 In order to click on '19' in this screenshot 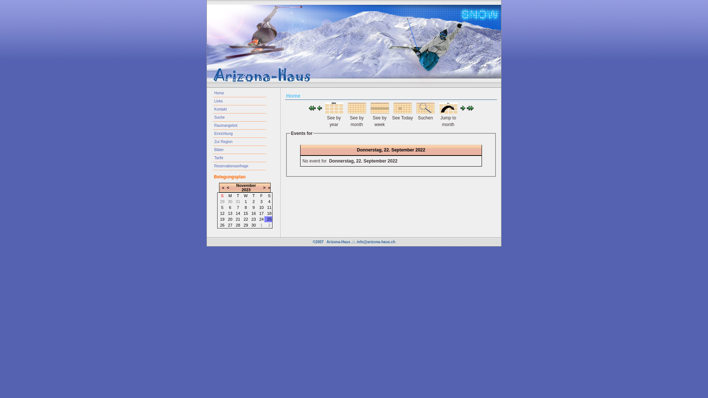, I will do `click(219, 219)`.